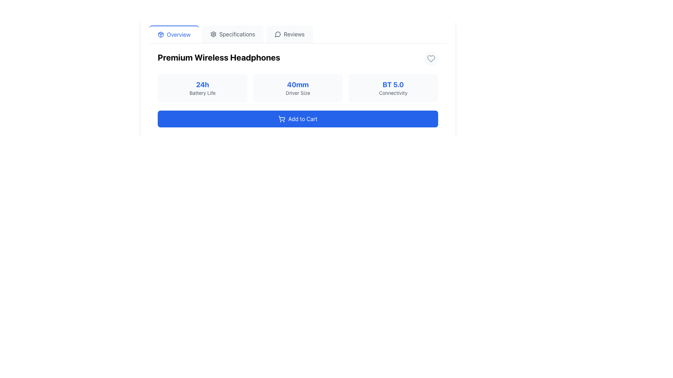 The width and height of the screenshot is (673, 378). I want to click on the text label displaying '40mm' in bold blue font, which is the second box in a row of three, centered within a light gray background, so click(298, 87).